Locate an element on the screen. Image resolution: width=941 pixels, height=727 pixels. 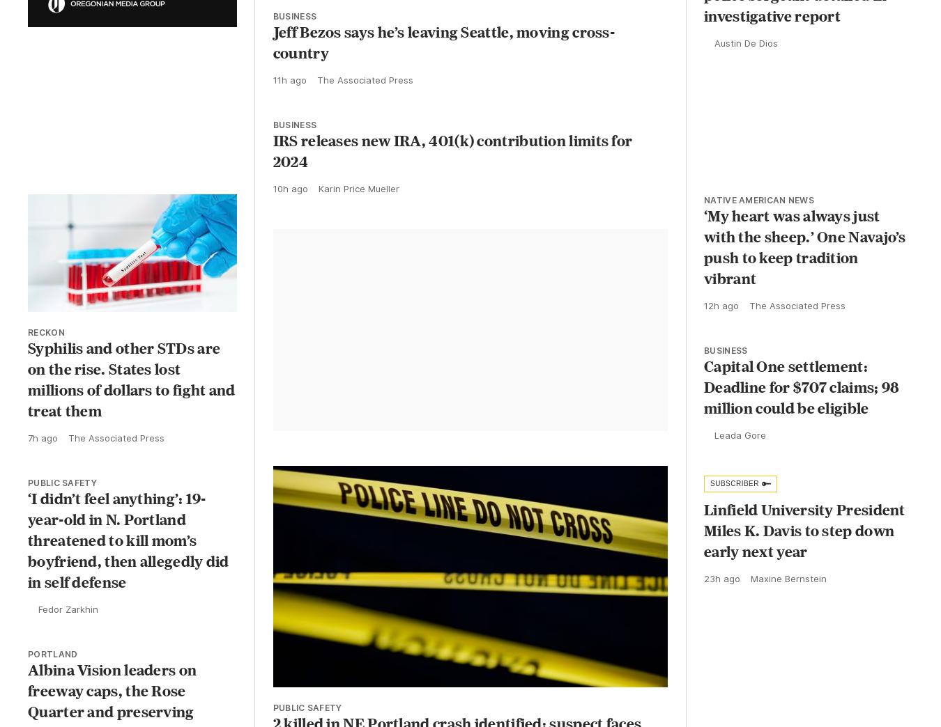
'Leada Gore' is located at coordinates (740, 447).